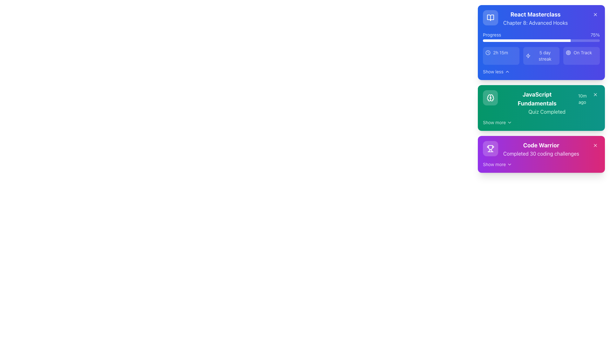 This screenshot has width=610, height=343. I want to click on the 'X' icon, which is part of a circular button located at the top right corner of the 'React Masterclass' card, so click(595, 14).